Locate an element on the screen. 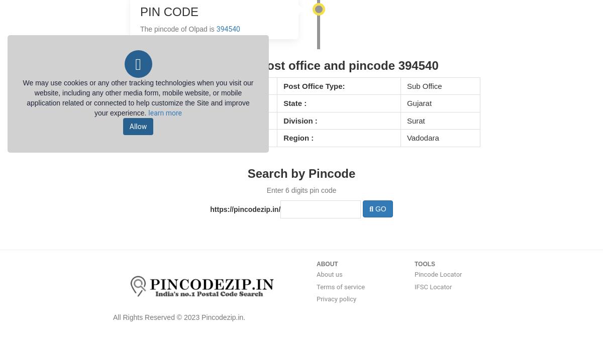 Image resolution: width=603 pixels, height=342 pixels. 'Allow' is located at coordinates (137, 126).